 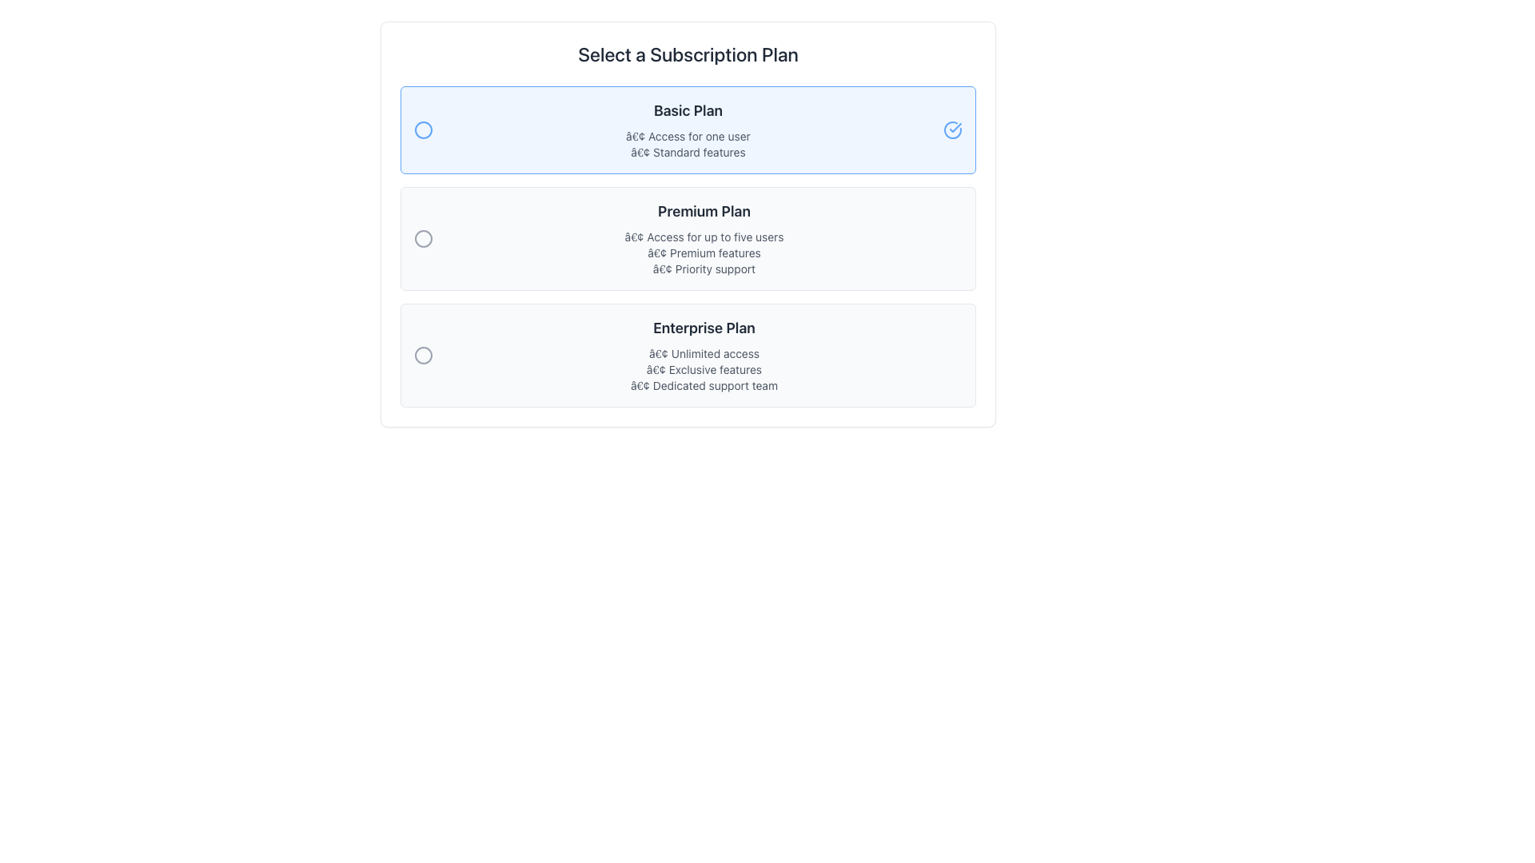 I want to click on the circular radio button with a blue outline, so click(x=423, y=129).